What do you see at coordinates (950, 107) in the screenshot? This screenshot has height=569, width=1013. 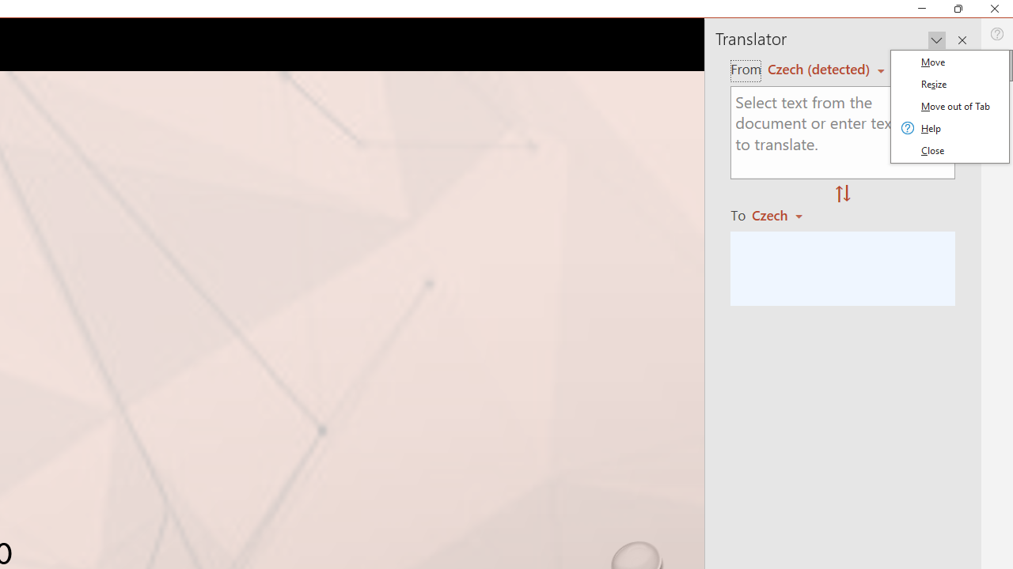 I see `'Class: Net UI Tool Window'` at bounding box center [950, 107].